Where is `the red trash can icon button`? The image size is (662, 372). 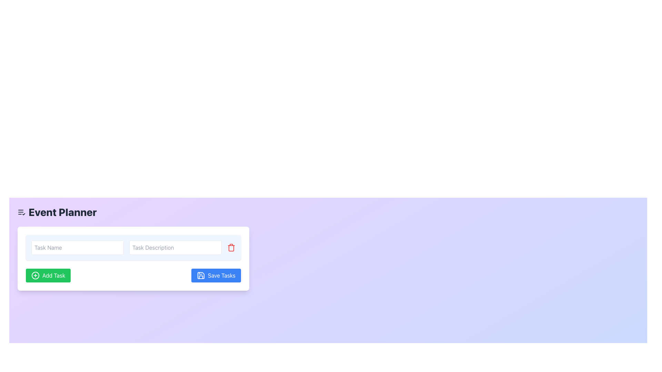
the red trash can icon button is located at coordinates (231, 247).